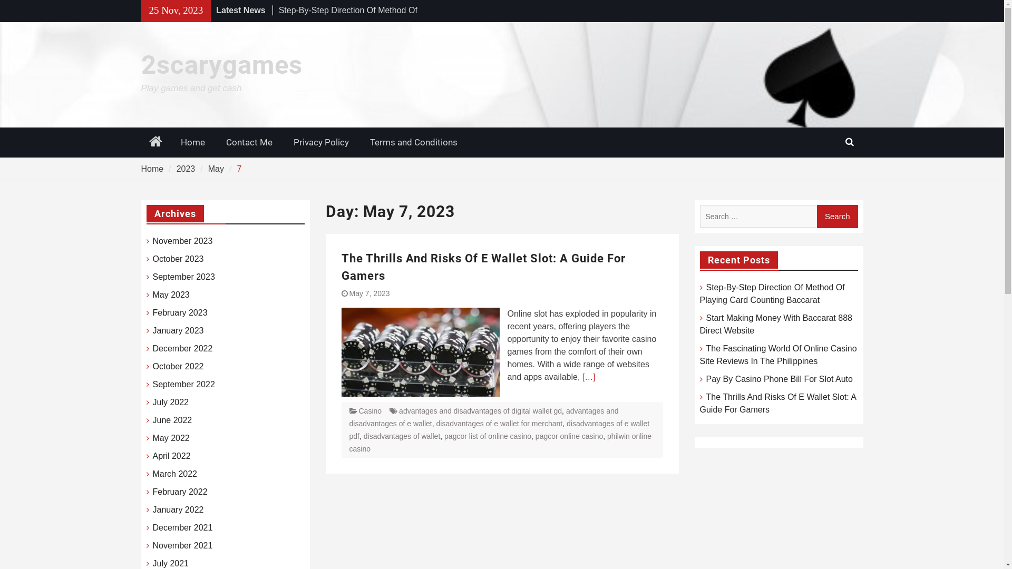  I want to click on 'pagcor online casino', so click(569, 436).